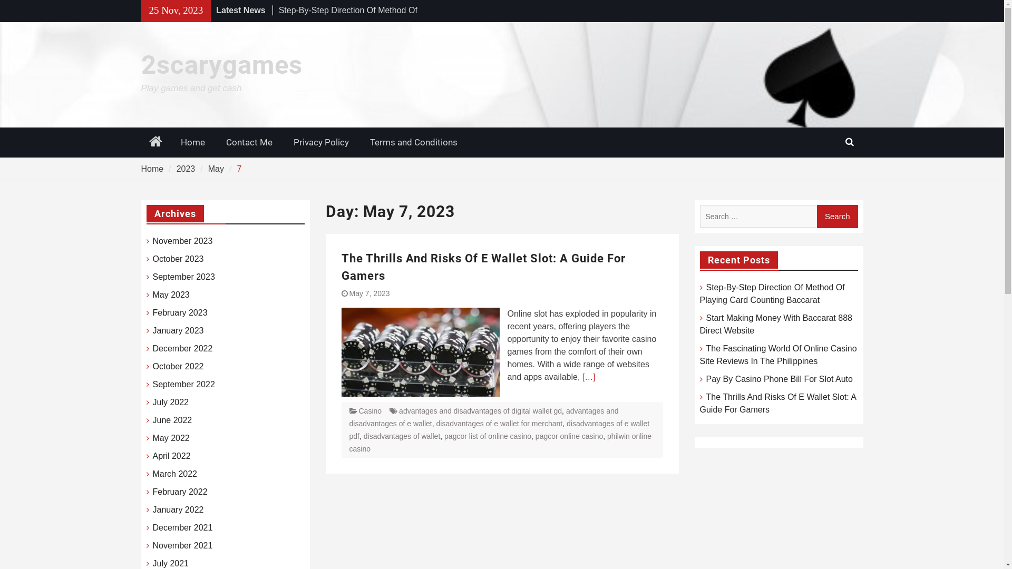  I want to click on 'pagcor online casino', so click(569, 436).